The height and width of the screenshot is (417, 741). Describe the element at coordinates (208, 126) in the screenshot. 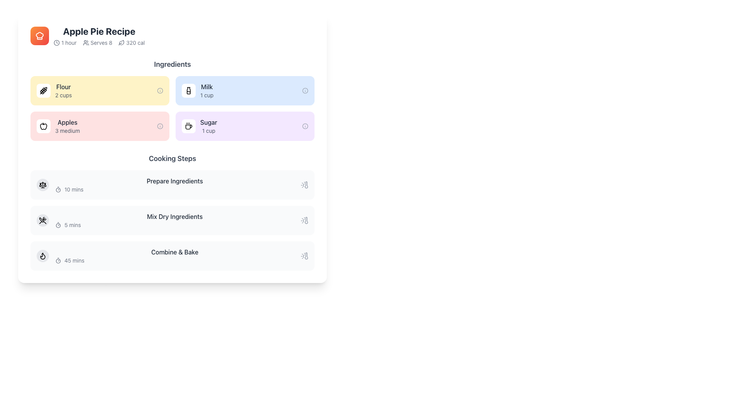

I see `the informational text label displaying 'Sugar' in a gray font, located within a rounded purple box in the Ingredients section of the page` at that location.